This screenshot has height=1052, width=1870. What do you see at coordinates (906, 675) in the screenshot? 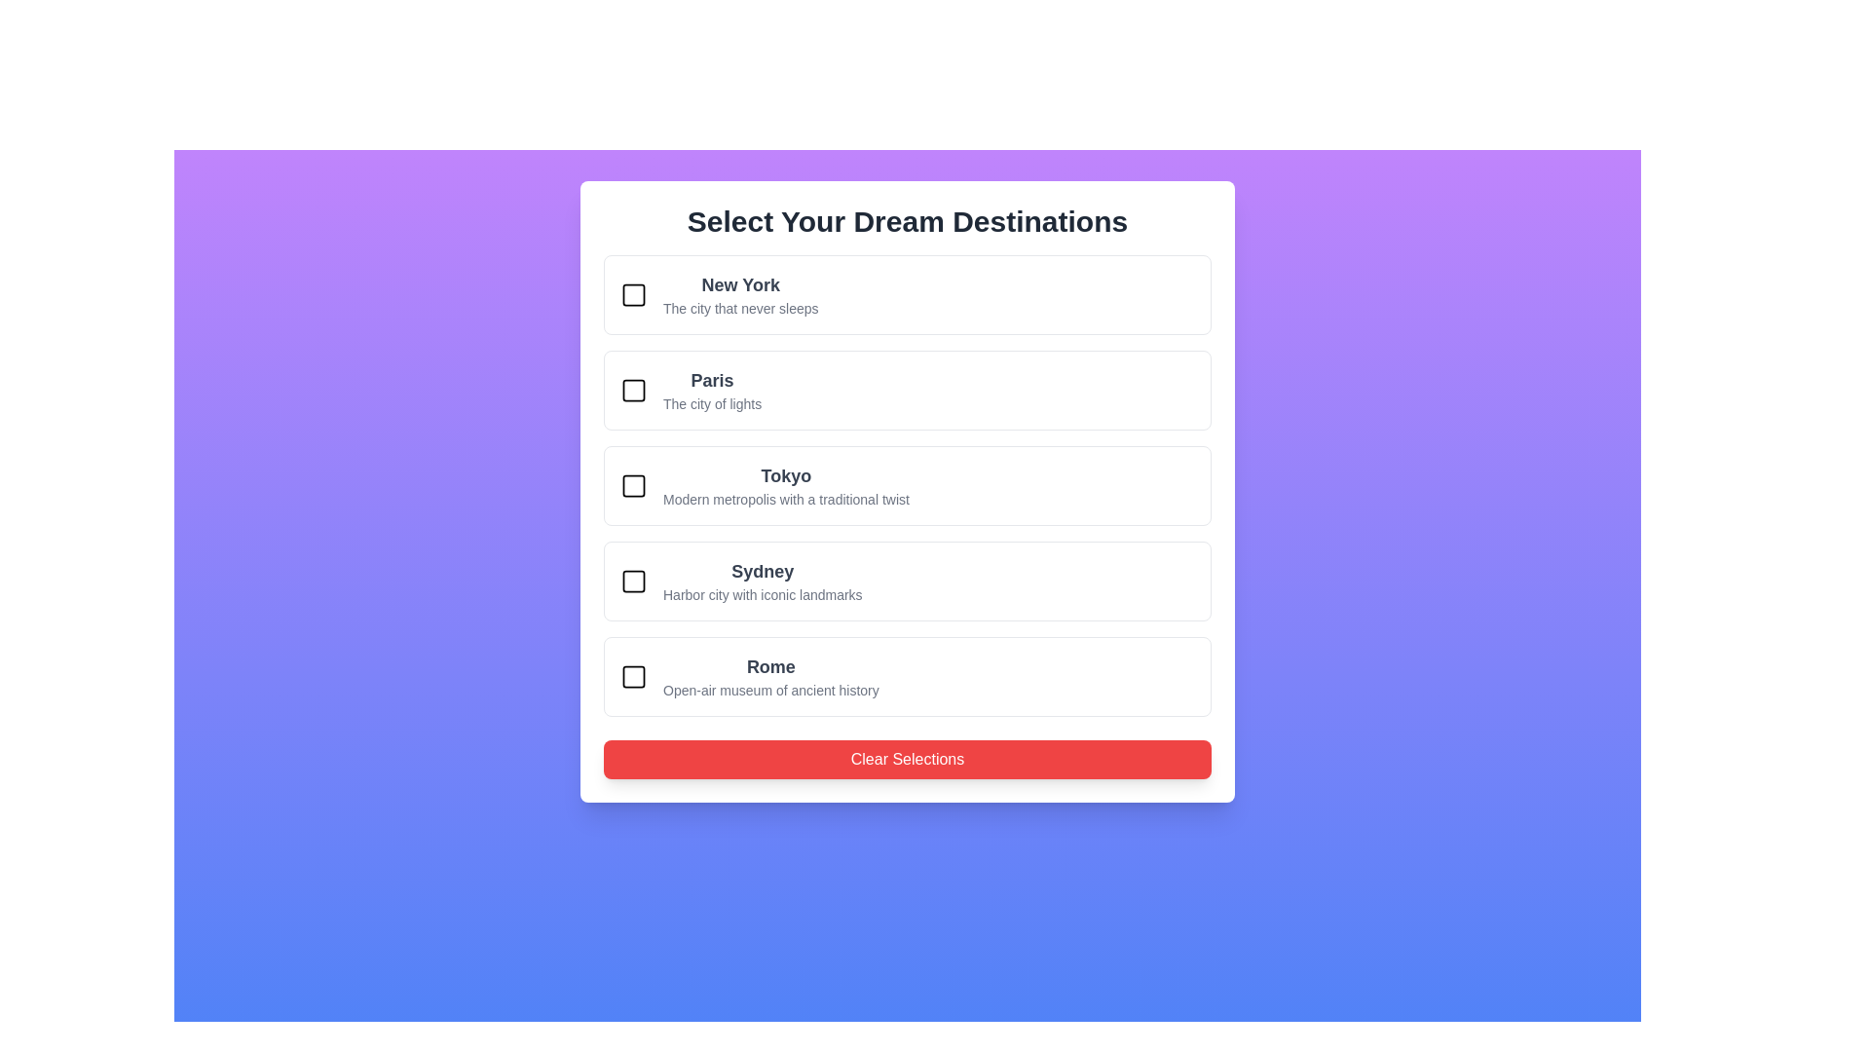
I see `the city card for Rome` at bounding box center [906, 675].